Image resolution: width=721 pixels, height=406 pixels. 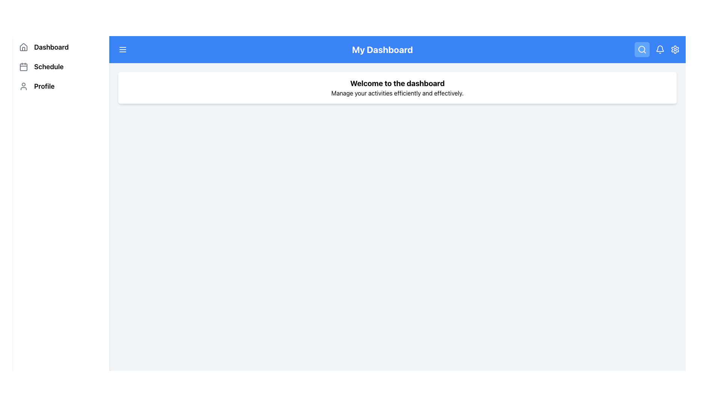 I want to click on the 'Schedule' navigation label for keyboard navigation, so click(x=48, y=66).